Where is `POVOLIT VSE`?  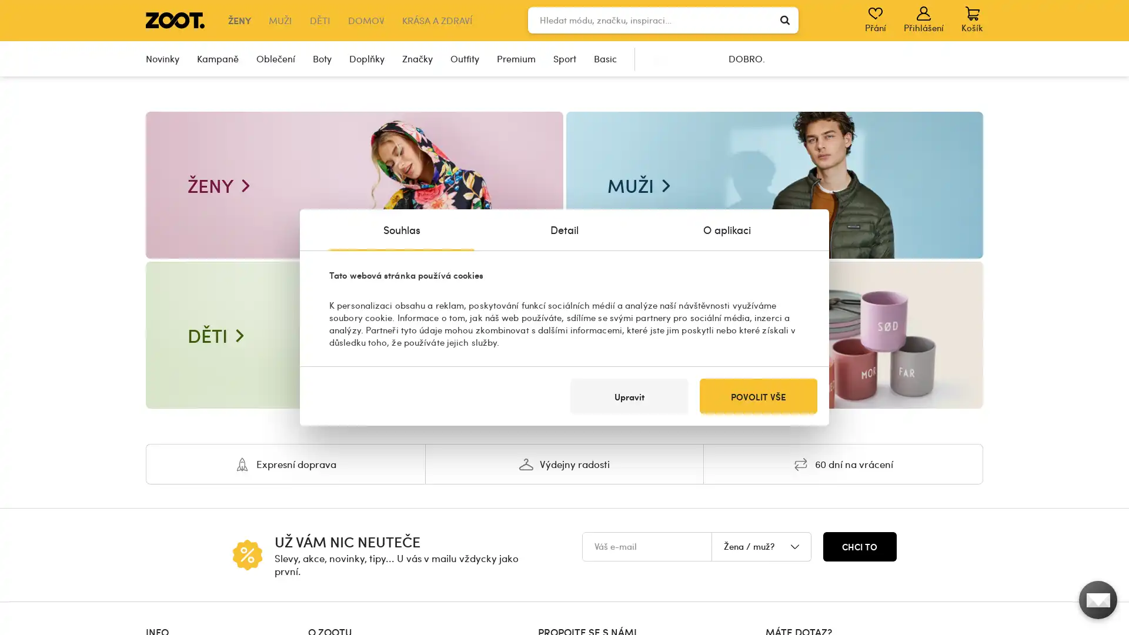
POVOLIT VSE is located at coordinates (759, 396).